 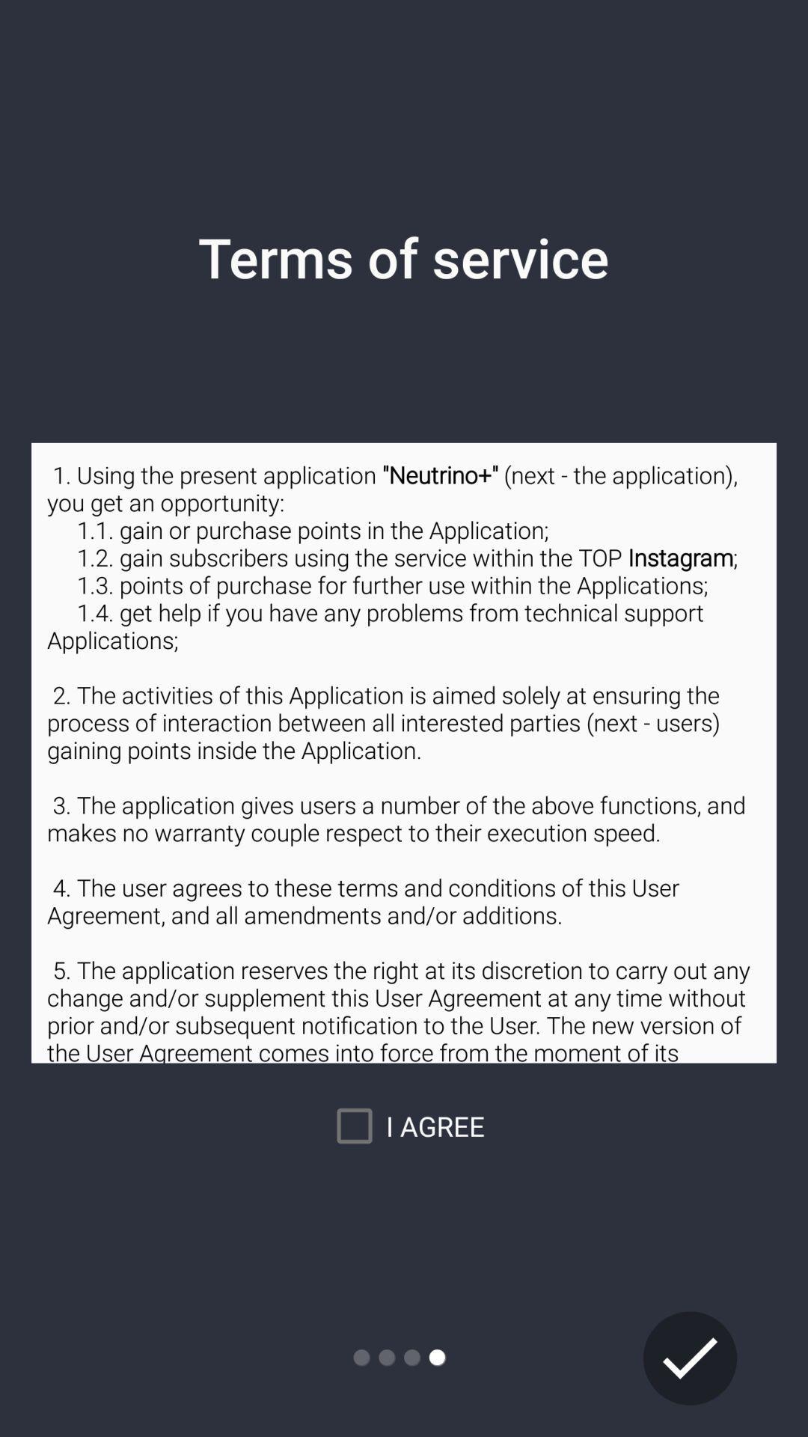 What do you see at coordinates (404, 1126) in the screenshot?
I see `the icon below 1 using the icon` at bounding box center [404, 1126].